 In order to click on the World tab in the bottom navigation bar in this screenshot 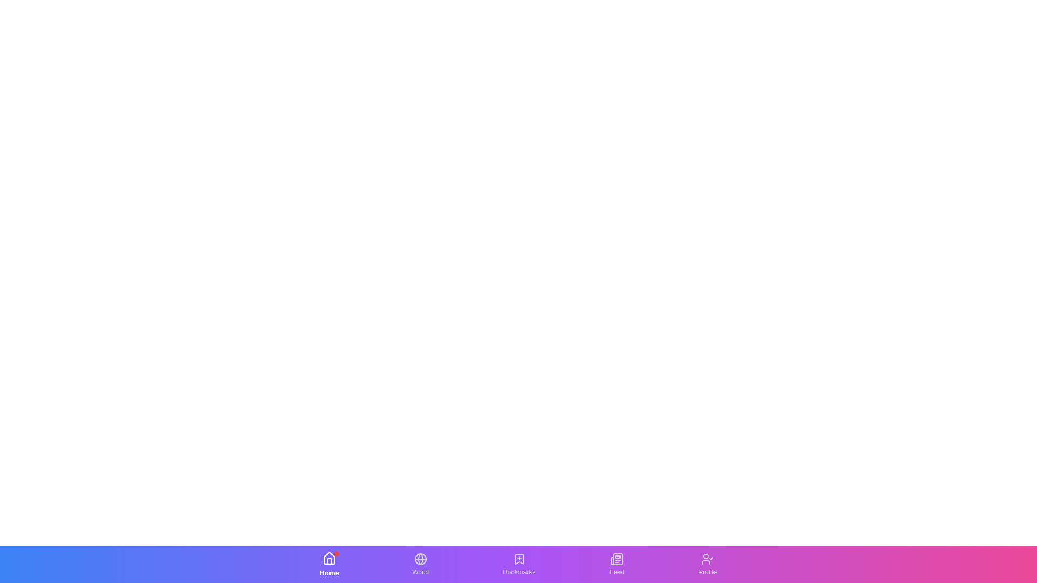, I will do `click(420, 564)`.